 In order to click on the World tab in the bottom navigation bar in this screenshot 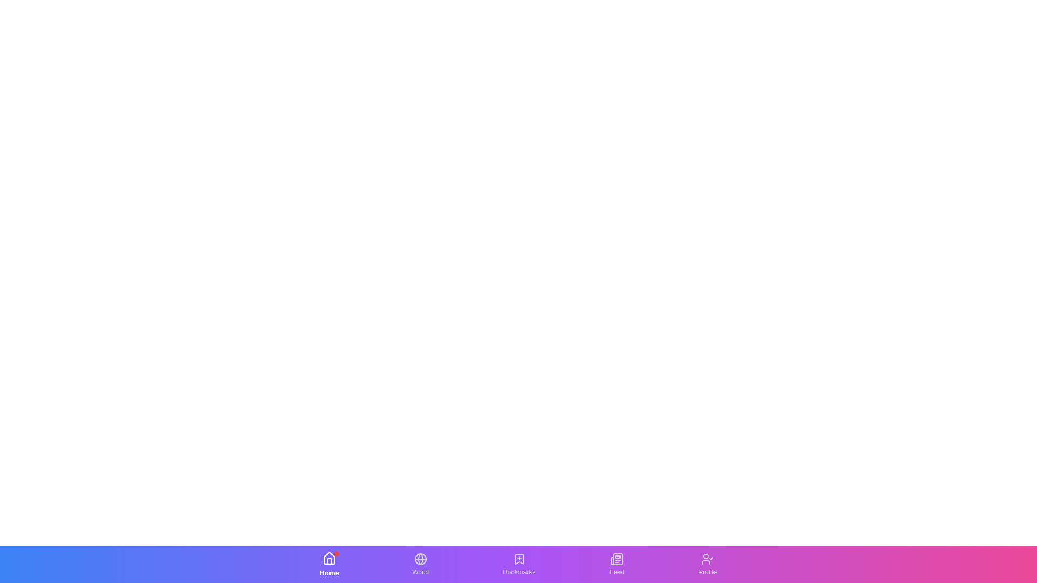, I will do `click(420, 564)`.